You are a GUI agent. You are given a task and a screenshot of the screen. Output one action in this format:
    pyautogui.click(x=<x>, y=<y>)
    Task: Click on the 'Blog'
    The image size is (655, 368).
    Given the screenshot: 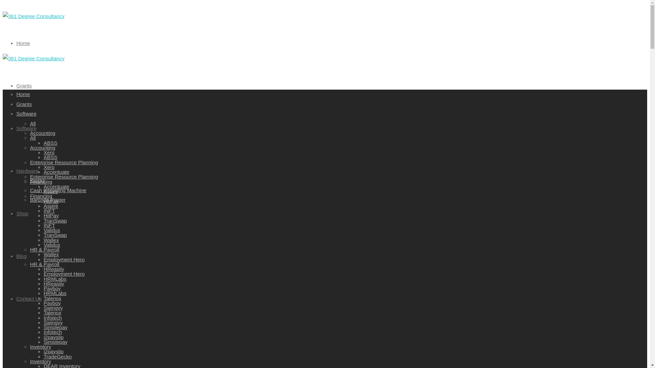 What is the action you would take?
    pyautogui.click(x=21, y=256)
    